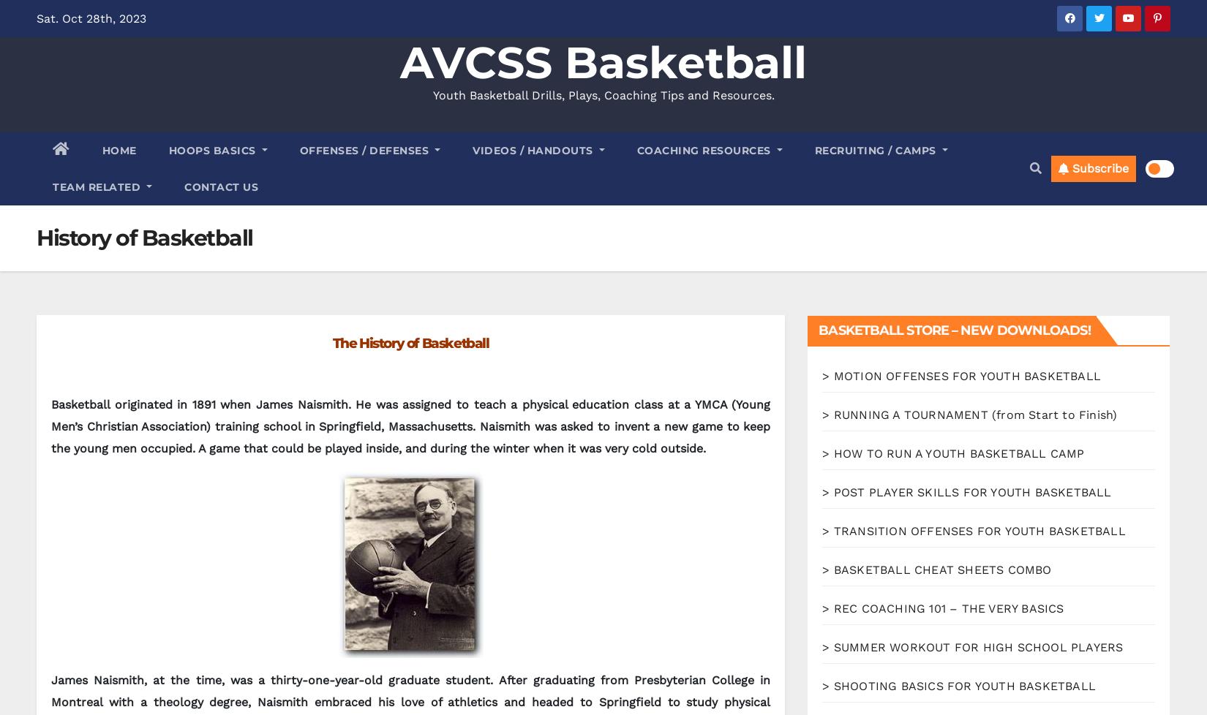 The width and height of the screenshot is (1207, 715). What do you see at coordinates (119, 150) in the screenshot?
I see `'HOME'` at bounding box center [119, 150].